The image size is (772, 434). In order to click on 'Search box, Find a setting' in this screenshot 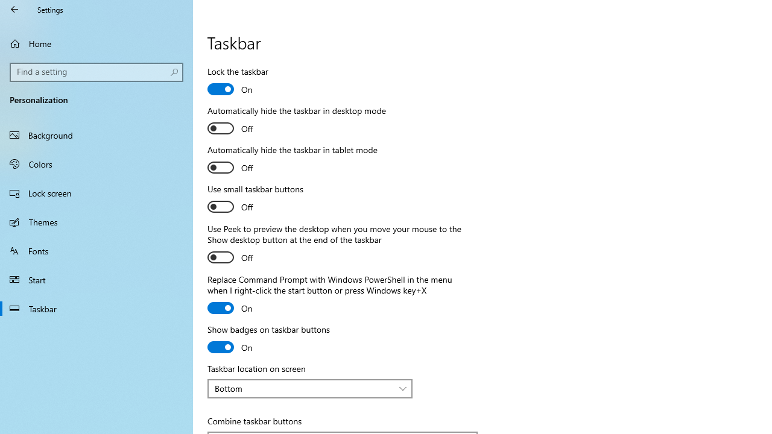, I will do `click(96, 72)`.